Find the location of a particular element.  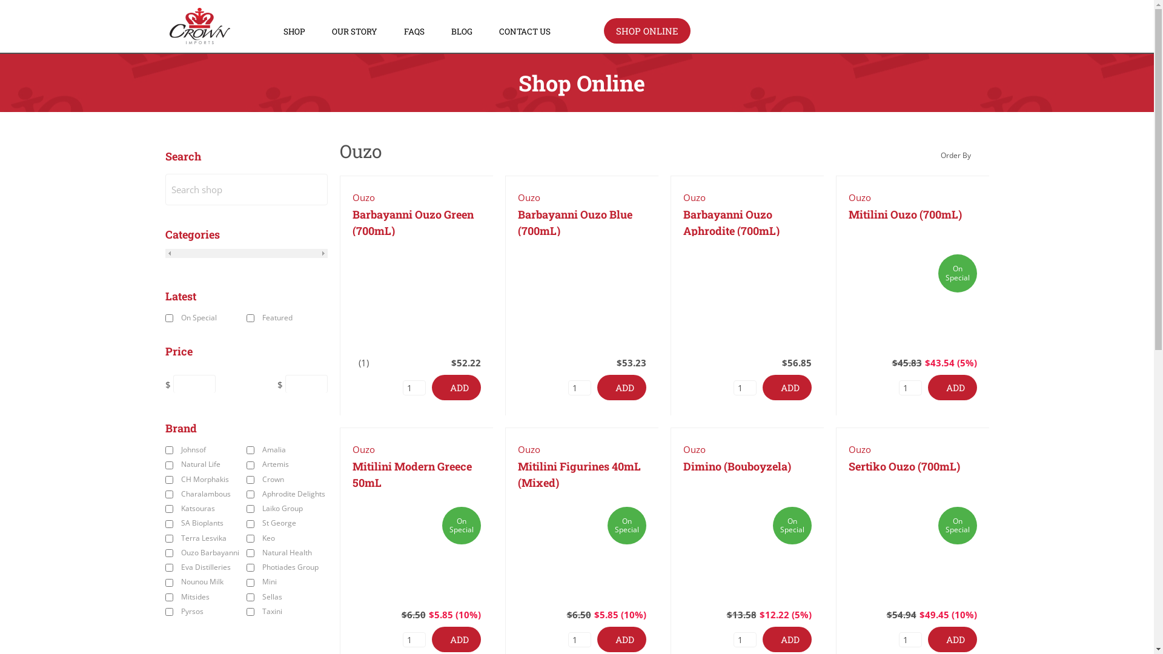

'SHOP' is located at coordinates (294, 31).